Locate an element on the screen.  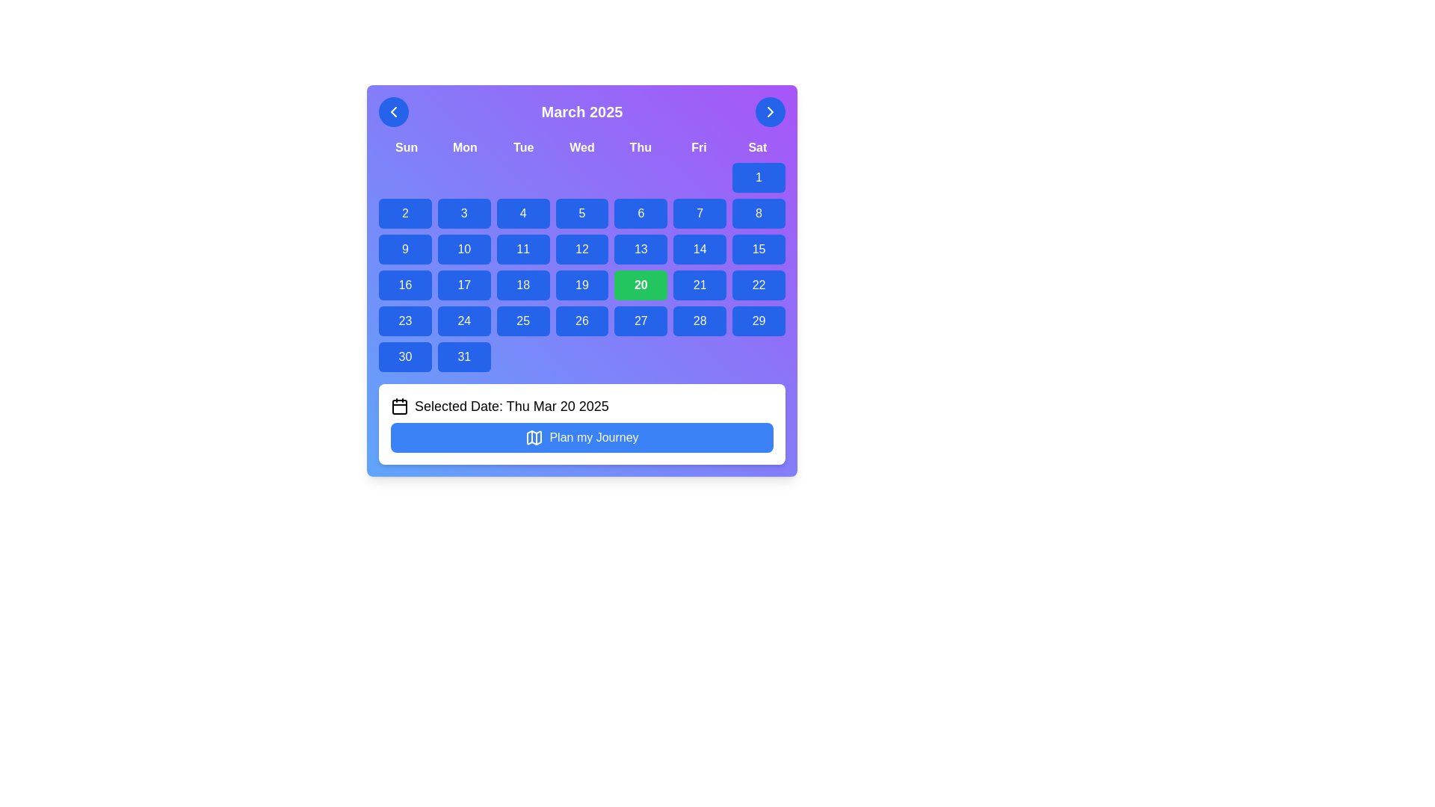
the button representing the eleventh day of the month in the calendar interface is located at coordinates (523, 249).